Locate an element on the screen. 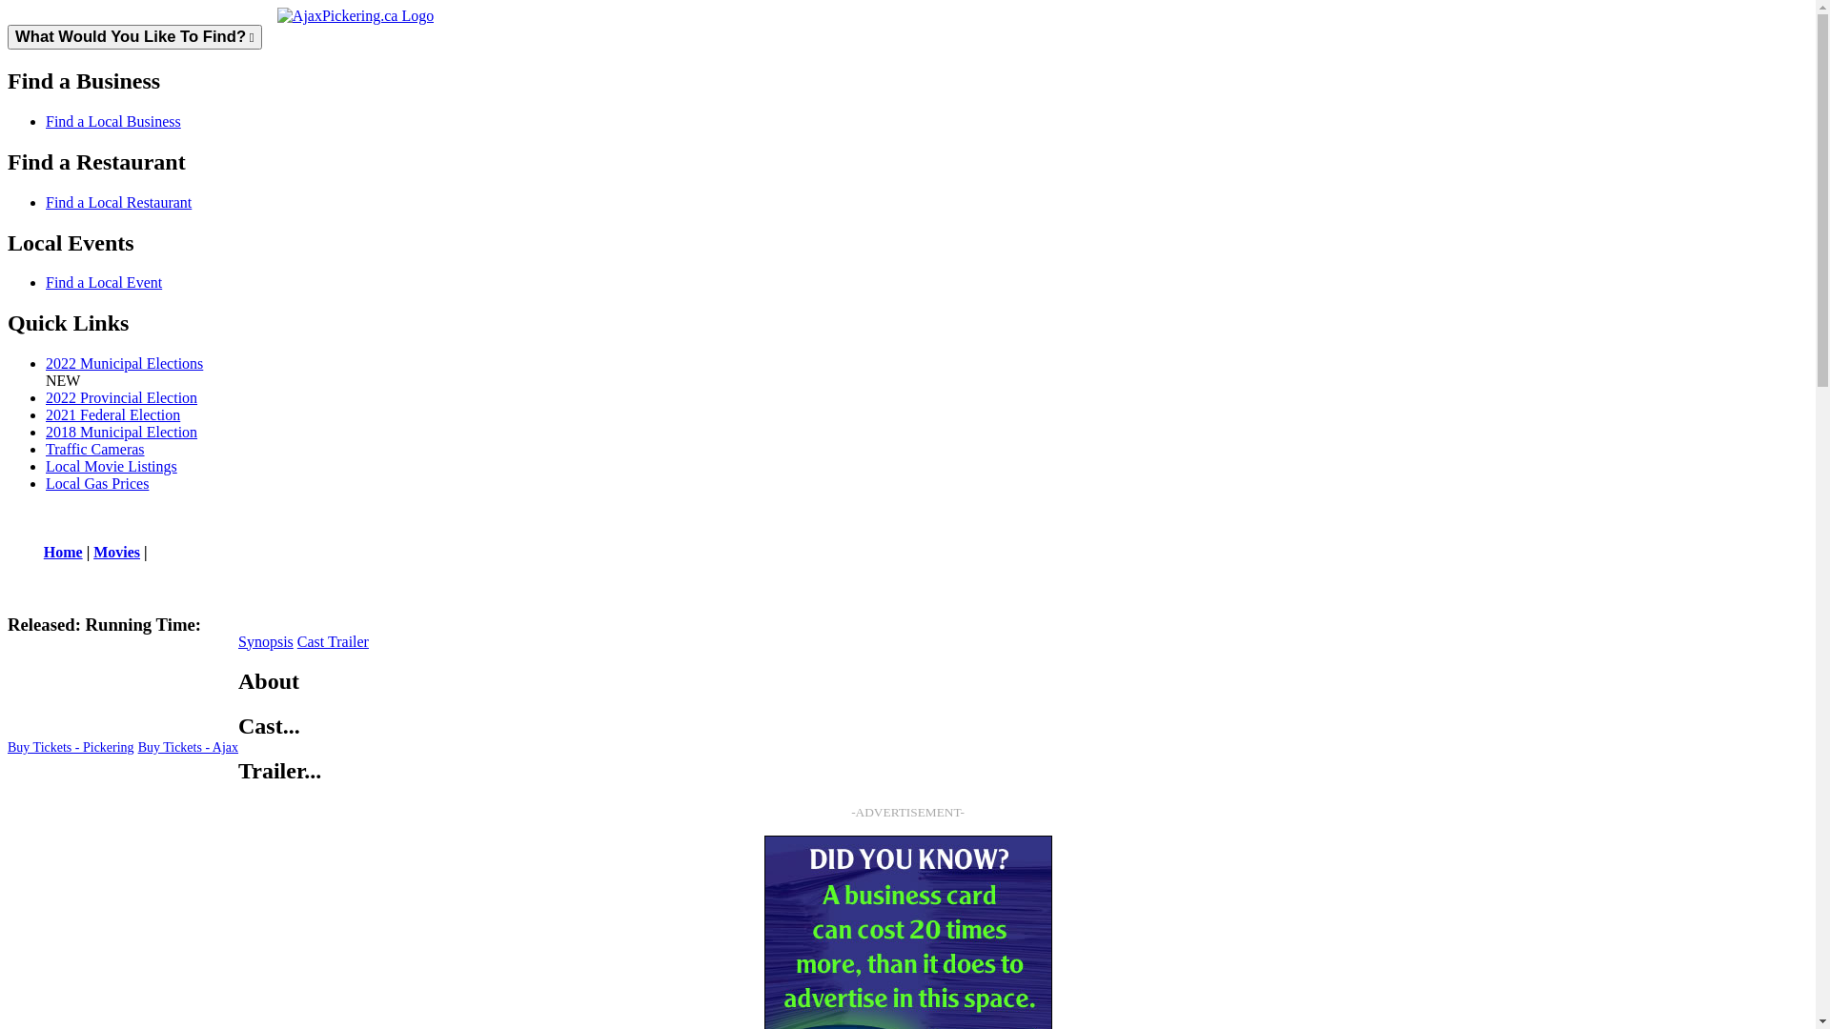 This screenshot has width=1830, height=1029. '2022 Municipal Elections' is located at coordinates (123, 363).